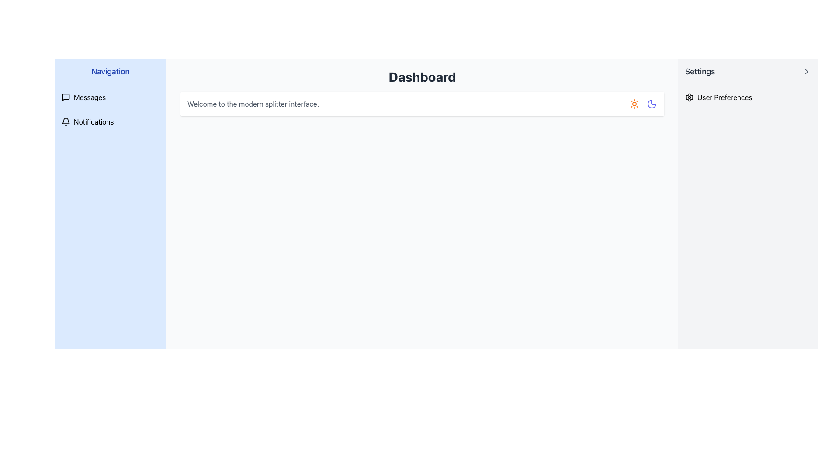 The width and height of the screenshot is (839, 472). What do you see at coordinates (110, 121) in the screenshot?
I see `the 'Notifications' navigation link, which features a bell icon and is located beneath the 'Messages' entry in the sidebar navigation panel` at bounding box center [110, 121].